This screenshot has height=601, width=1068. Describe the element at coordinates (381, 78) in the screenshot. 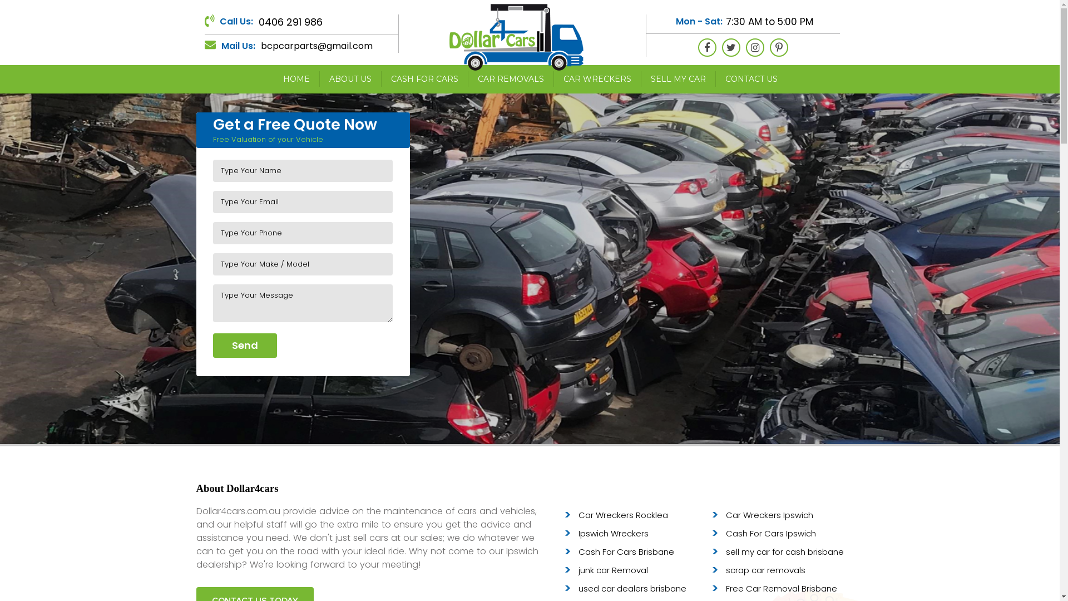

I see `'CASH FOR CARS'` at that location.